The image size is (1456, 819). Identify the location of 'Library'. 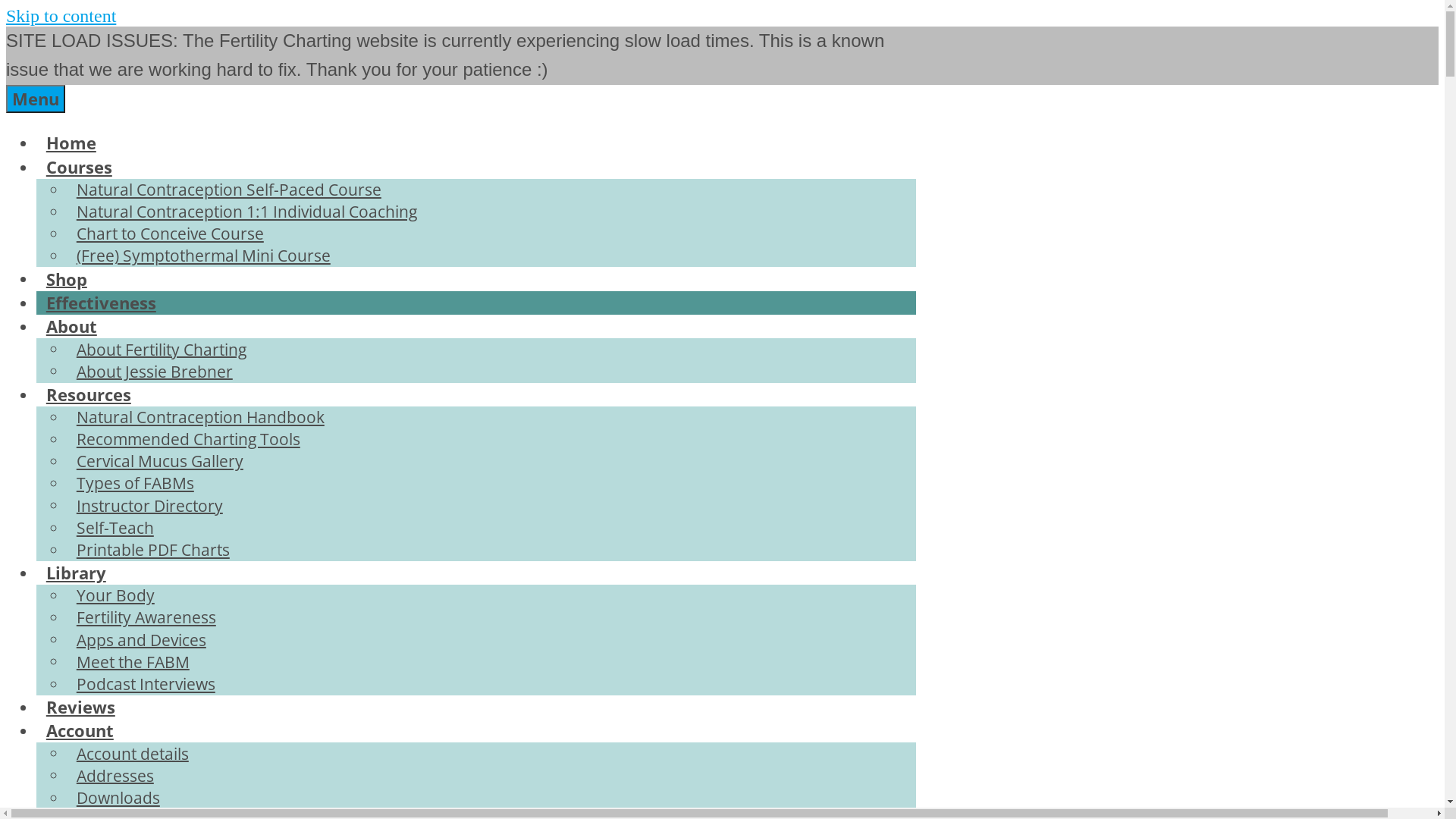
(75, 573).